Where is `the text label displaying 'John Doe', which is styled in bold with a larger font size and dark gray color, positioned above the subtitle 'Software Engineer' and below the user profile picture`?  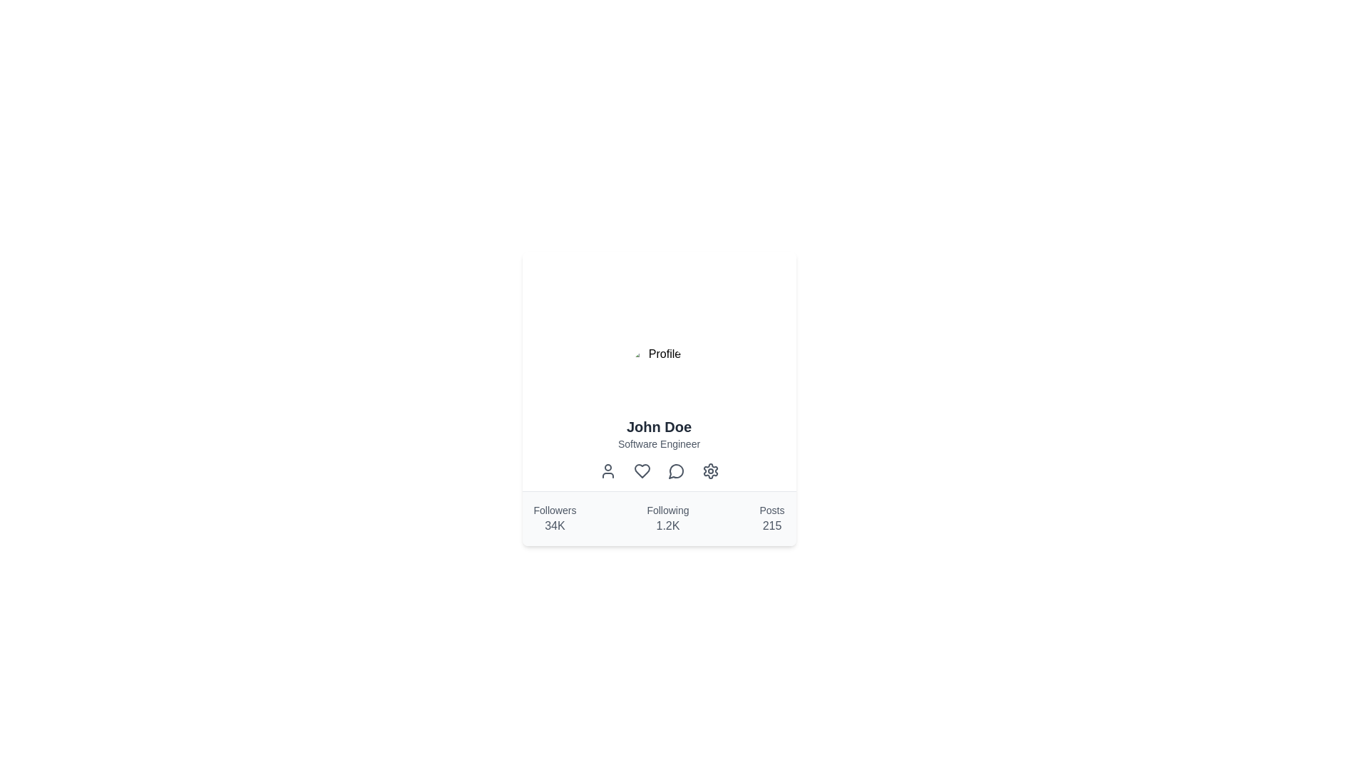 the text label displaying 'John Doe', which is styled in bold with a larger font size and dark gray color, positioned above the subtitle 'Software Engineer' and below the user profile picture is located at coordinates (658, 426).